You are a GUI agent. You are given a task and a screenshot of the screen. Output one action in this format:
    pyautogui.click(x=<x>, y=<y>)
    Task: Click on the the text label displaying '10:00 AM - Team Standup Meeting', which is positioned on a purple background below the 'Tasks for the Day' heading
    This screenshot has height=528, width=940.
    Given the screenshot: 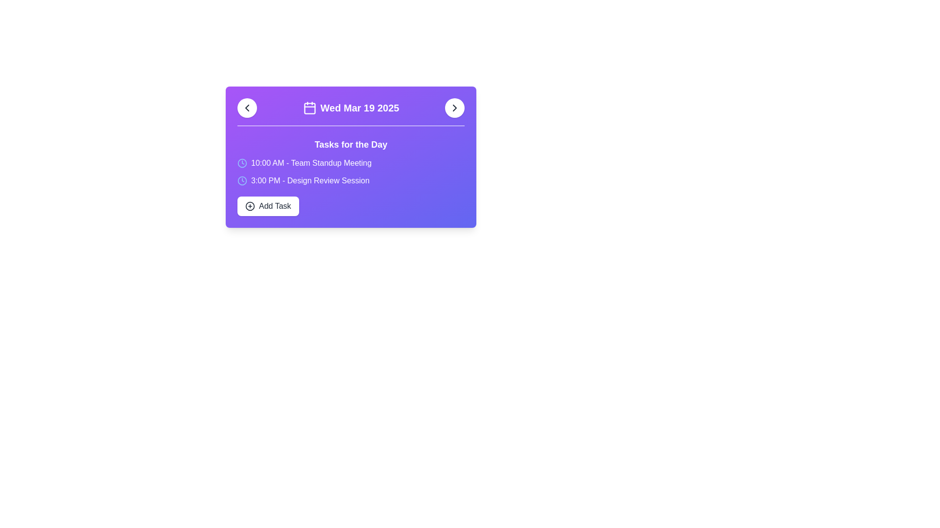 What is the action you would take?
    pyautogui.click(x=311, y=163)
    